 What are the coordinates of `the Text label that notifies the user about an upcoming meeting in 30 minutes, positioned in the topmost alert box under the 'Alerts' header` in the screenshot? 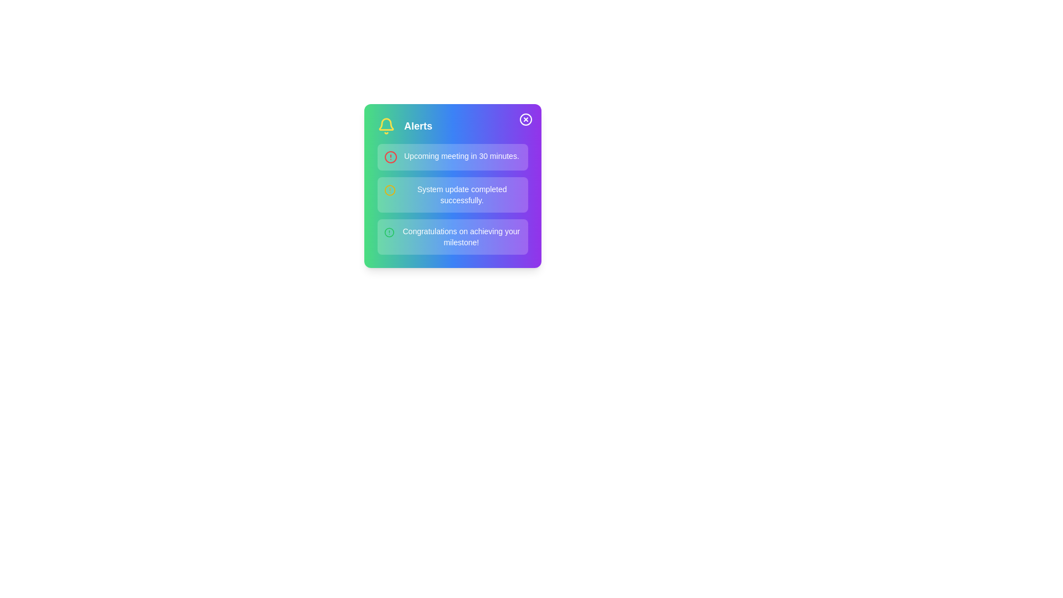 It's located at (461, 156).